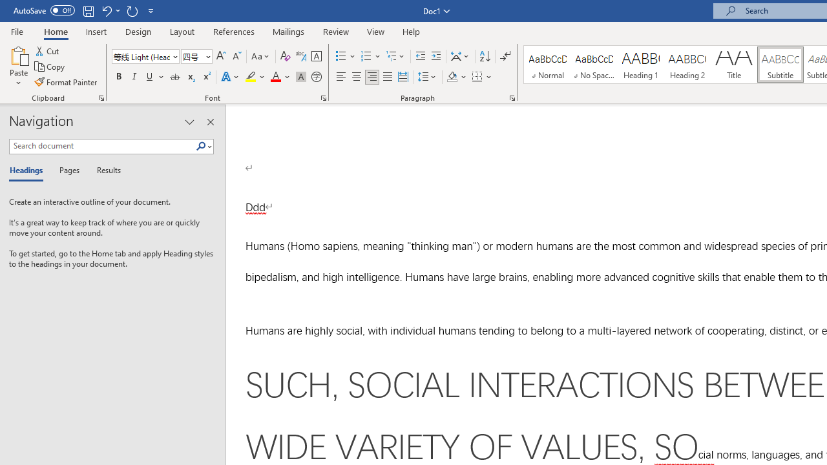  I want to click on 'Paragraph...', so click(511, 97).